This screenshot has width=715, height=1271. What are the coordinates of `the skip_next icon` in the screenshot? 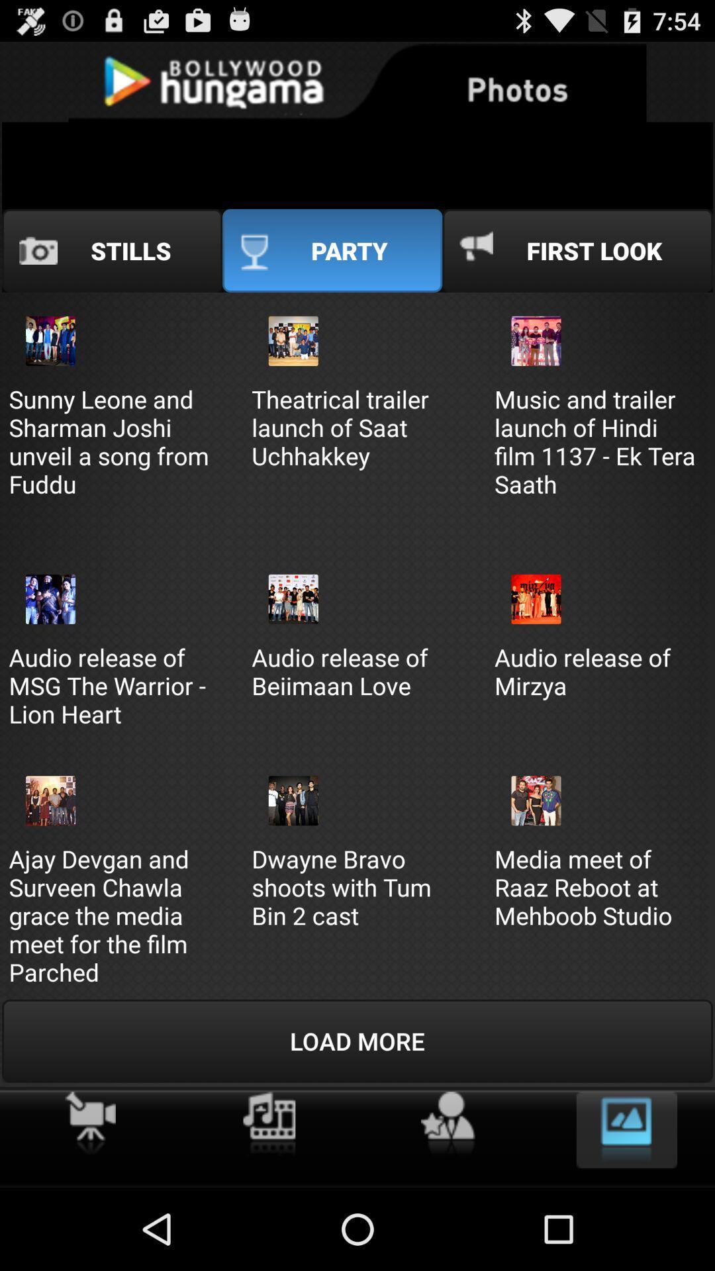 It's located at (89, 1201).